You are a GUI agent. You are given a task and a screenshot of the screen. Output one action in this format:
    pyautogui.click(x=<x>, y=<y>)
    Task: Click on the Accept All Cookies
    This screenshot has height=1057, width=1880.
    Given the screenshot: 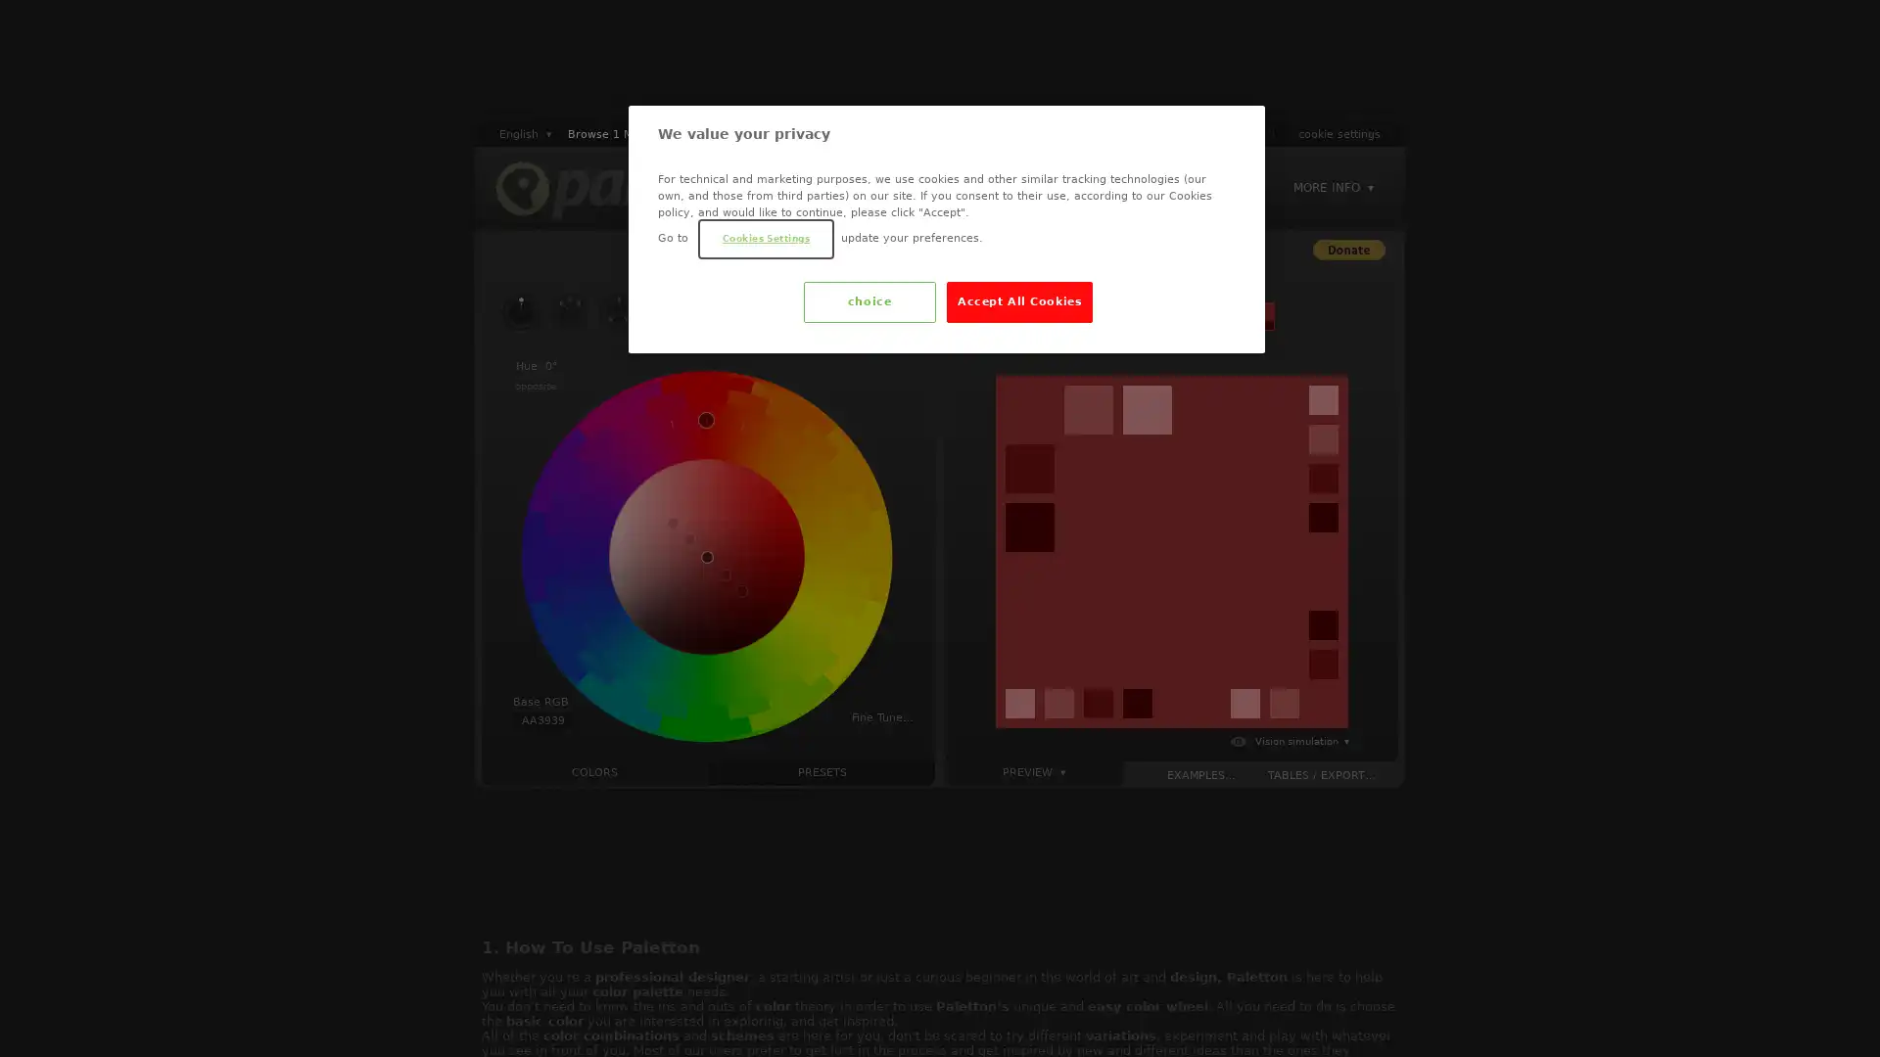 What is the action you would take?
    pyautogui.click(x=1018, y=301)
    